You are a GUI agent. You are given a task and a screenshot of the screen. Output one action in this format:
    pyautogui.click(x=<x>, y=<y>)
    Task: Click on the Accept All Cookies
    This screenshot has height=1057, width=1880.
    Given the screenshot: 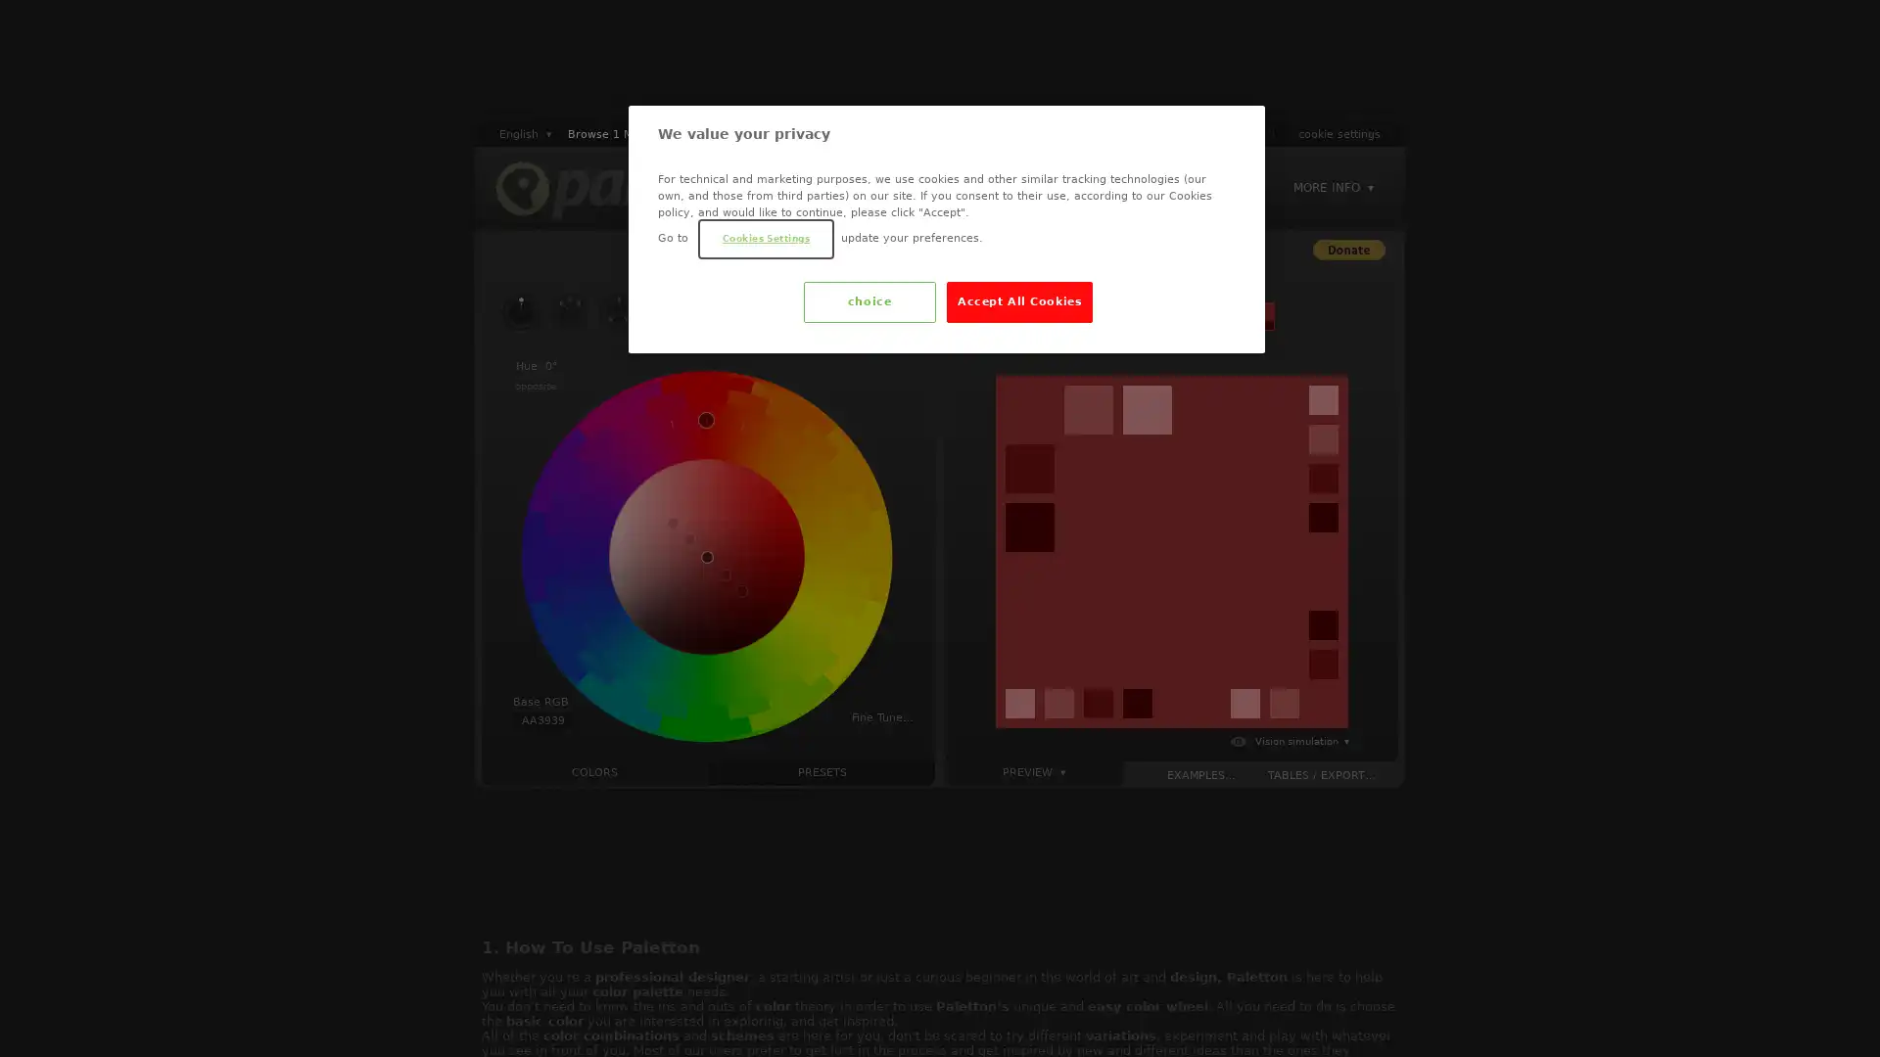 What is the action you would take?
    pyautogui.click(x=1018, y=301)
    